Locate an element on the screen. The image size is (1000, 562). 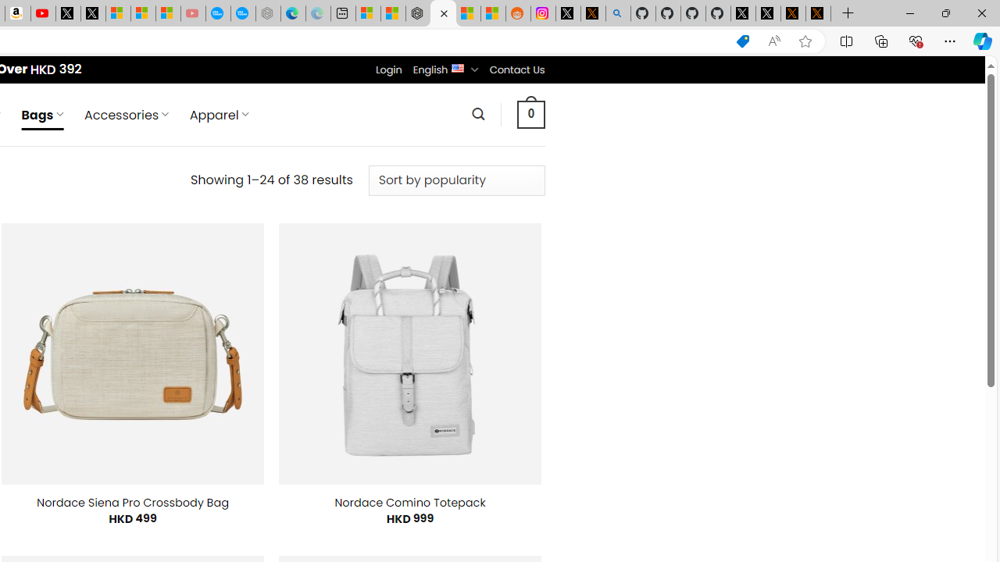
'Browser essentials' is located at coordinates (915, 40).